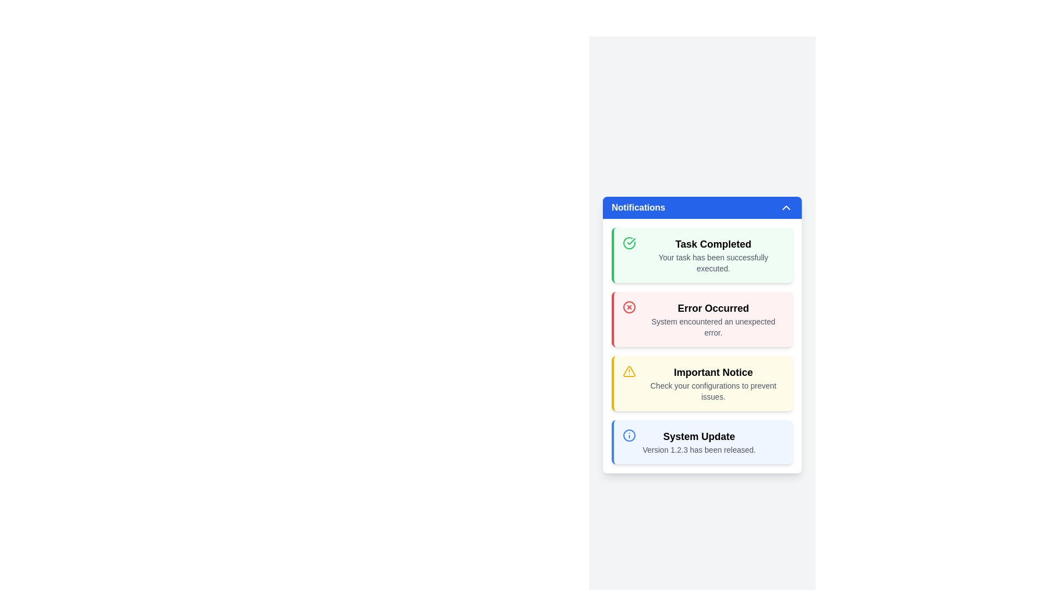  What do you see at coordinates (698, 449) in the screenshot?
I see `text displaying the message 'Version 1.2.3 has been released.' located in the notification card labeled 'System Update.'` at bounding box center [698, 449].